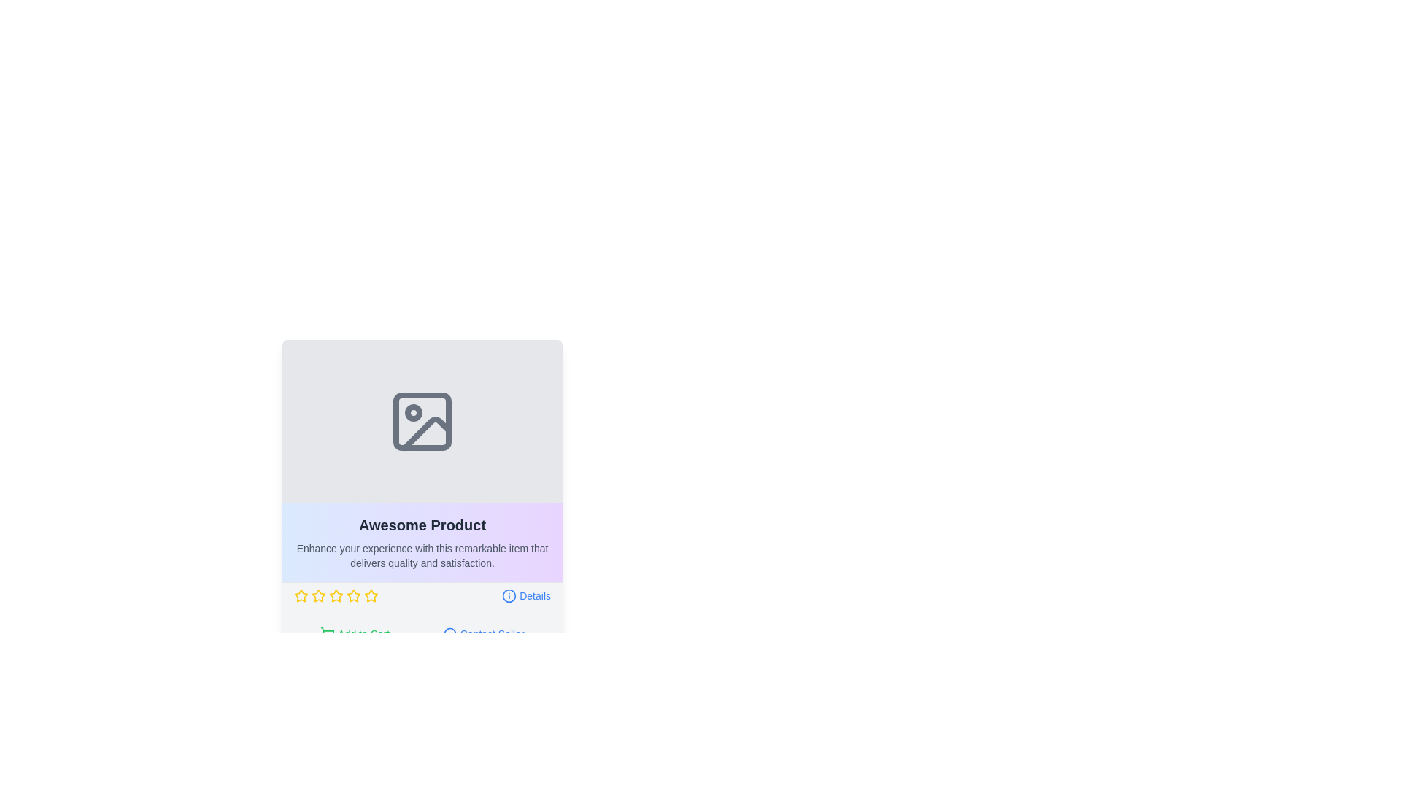 The width and height of the screenshot is (1401, 788). What do you see at coordinates (422, 556) in the screenshot?
I see `informational text block located below the title 'Awesome Product', which is a non-interactive element providing details about the product` at bounding box center [422, 556].